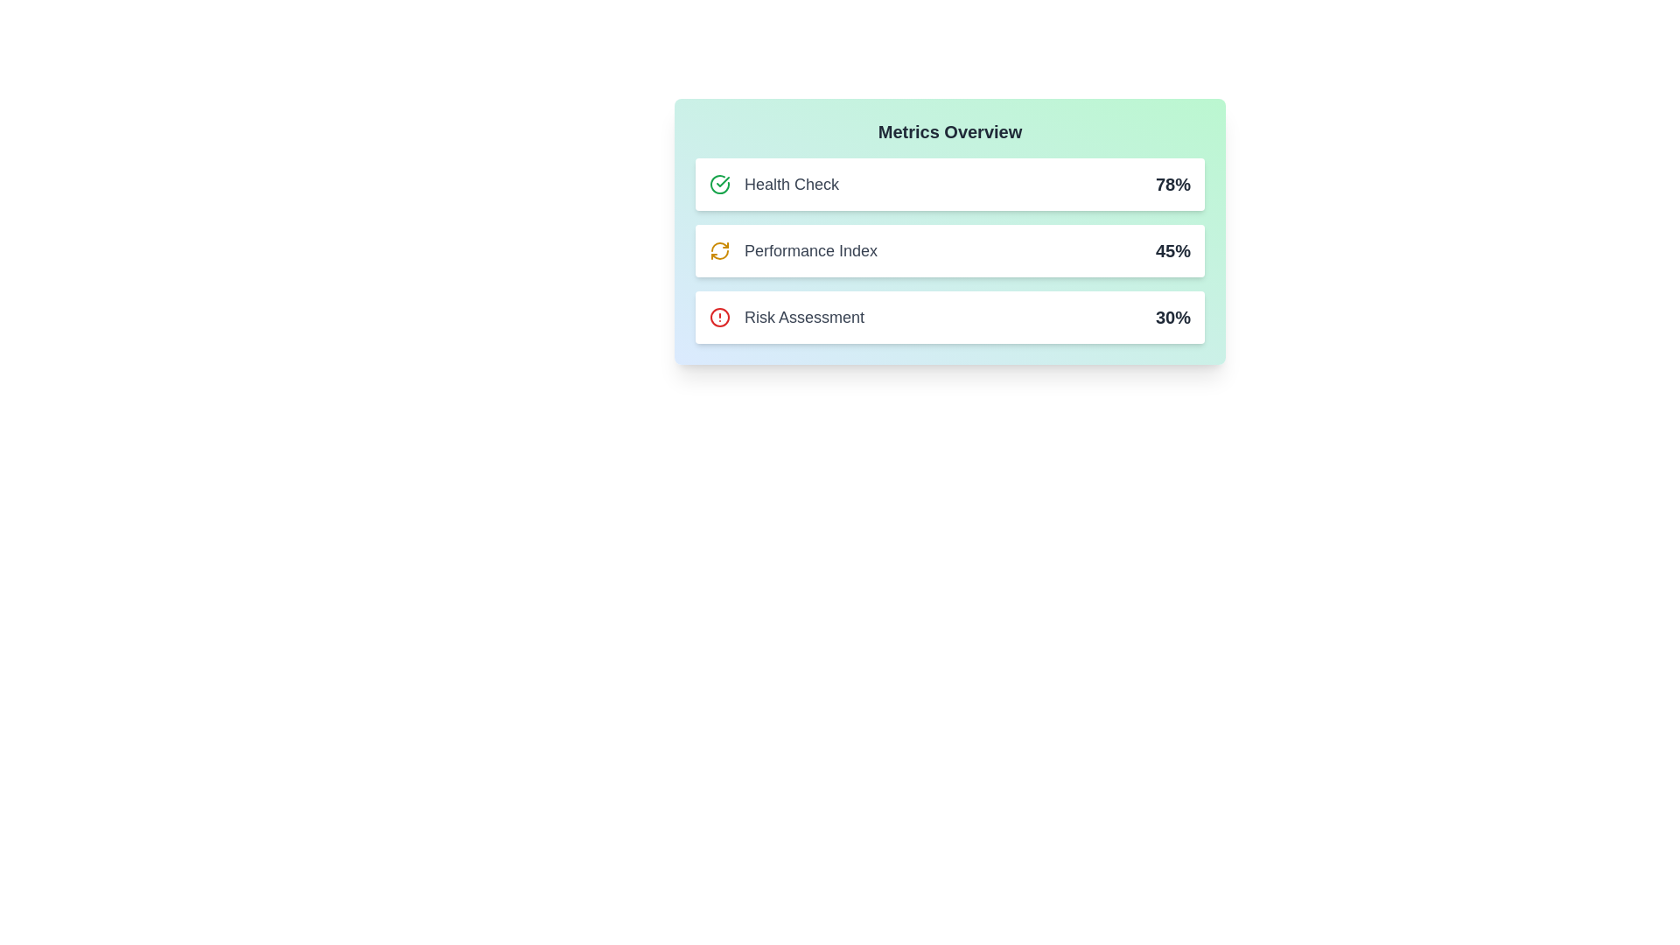 This screenshot has height=945, width=1680. Describe the element at coordinates (803, 317) in the screenshot. I see `the static text element in the third entry of the 'Metrics Overview' list, which describes the associated metric and is aligned with a red alert icon and a numerical representation ('30%')` at that location.